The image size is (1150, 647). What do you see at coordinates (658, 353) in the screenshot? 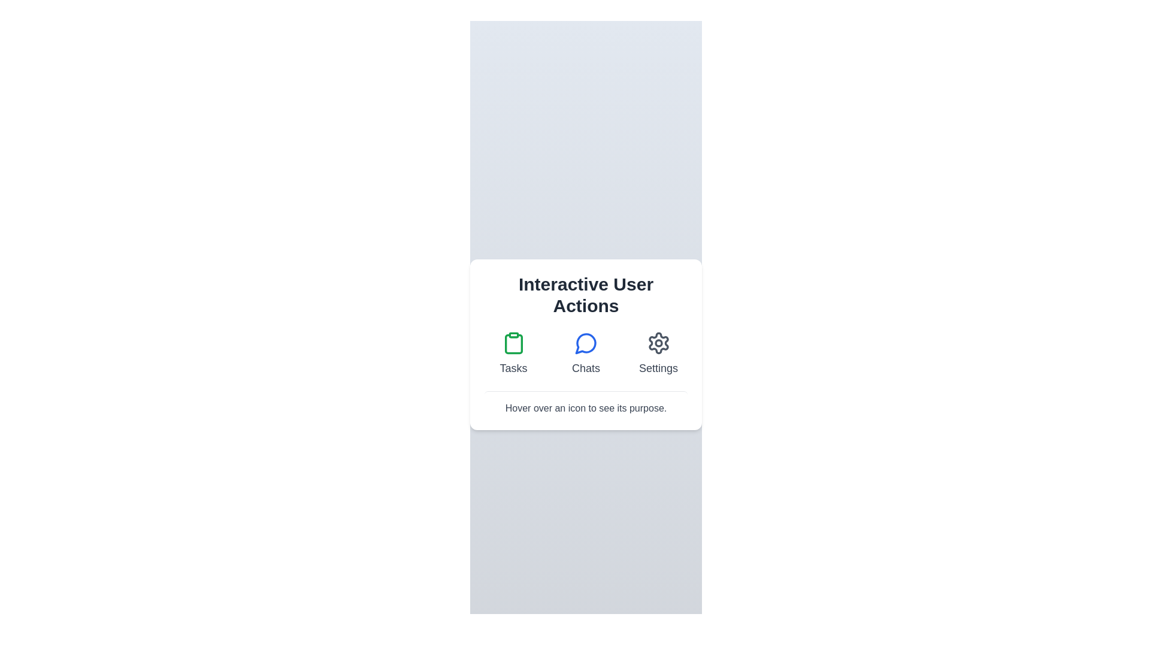
I see `the Settings button located in the bottom section of the interface` at bounding box center [658, 353].